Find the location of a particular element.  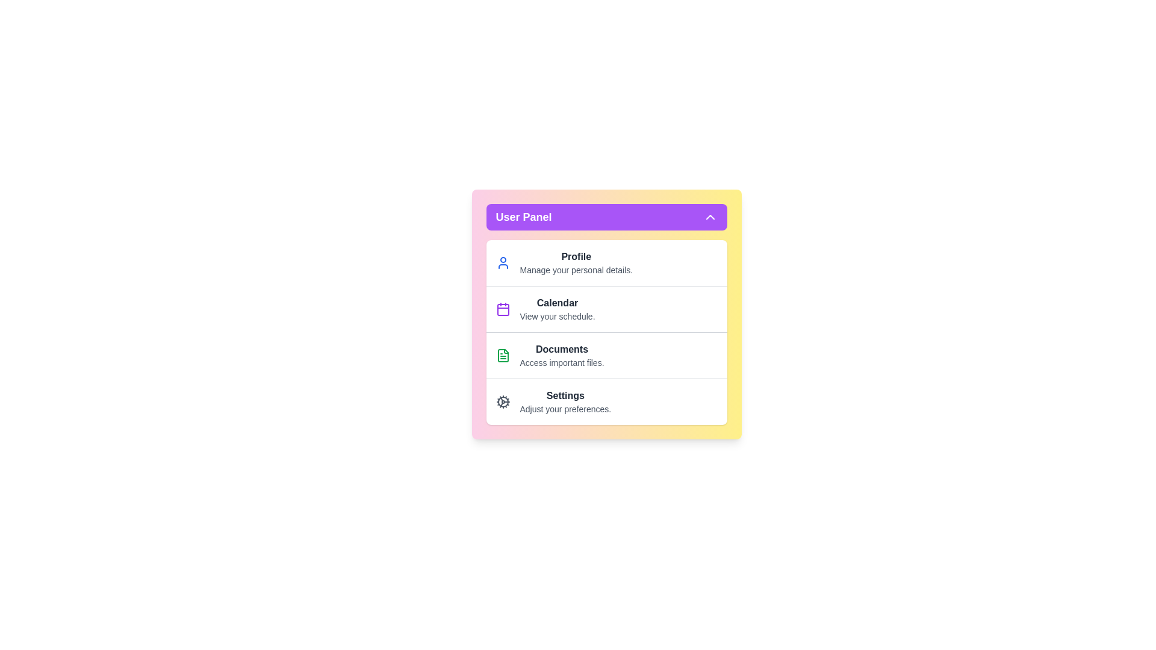

the 'Documents' text-based navigation item located in the User Panel is located at coordinates (561, 354).